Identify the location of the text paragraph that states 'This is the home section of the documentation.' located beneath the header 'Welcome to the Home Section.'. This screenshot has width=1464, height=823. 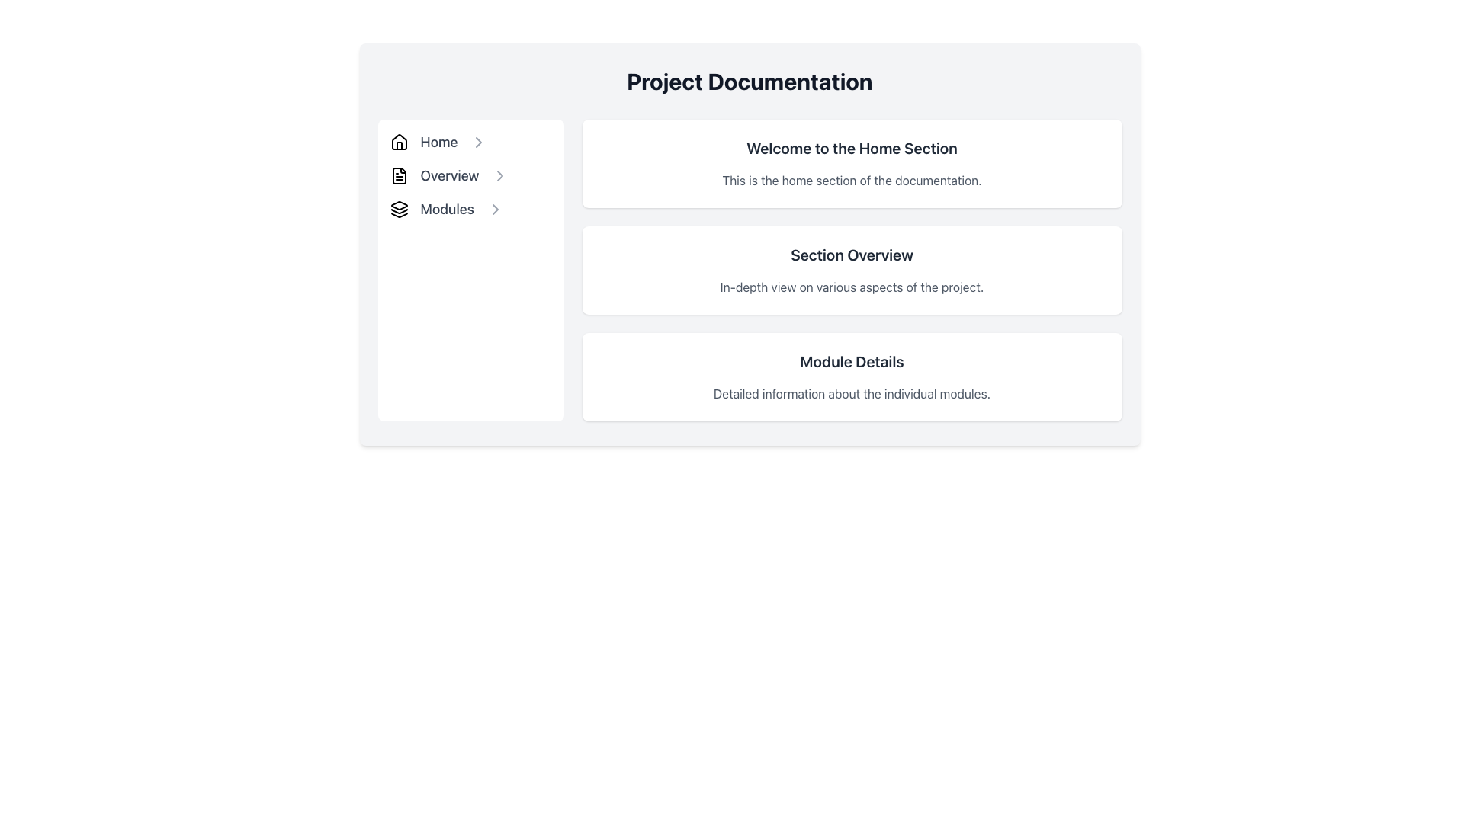
(851, 179).